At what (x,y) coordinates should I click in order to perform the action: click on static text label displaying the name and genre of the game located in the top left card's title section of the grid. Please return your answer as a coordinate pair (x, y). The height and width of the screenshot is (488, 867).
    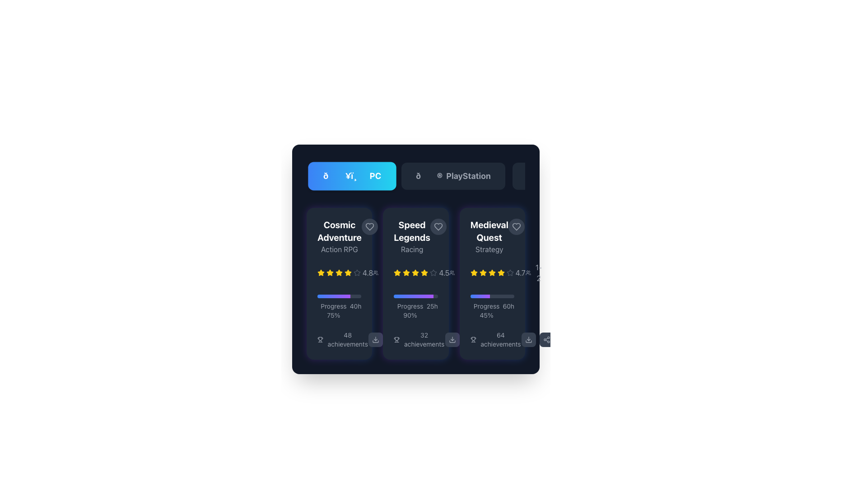
    Looking at the image, I should click on (339, 236).